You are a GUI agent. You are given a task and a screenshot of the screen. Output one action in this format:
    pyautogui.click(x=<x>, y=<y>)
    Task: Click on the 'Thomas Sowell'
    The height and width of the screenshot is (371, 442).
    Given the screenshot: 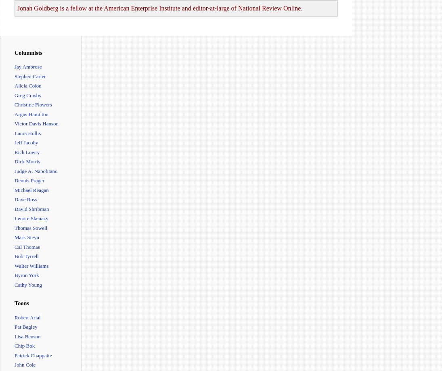 What is the action you would take?
    pyautogui.click(x=30, y=227)
    